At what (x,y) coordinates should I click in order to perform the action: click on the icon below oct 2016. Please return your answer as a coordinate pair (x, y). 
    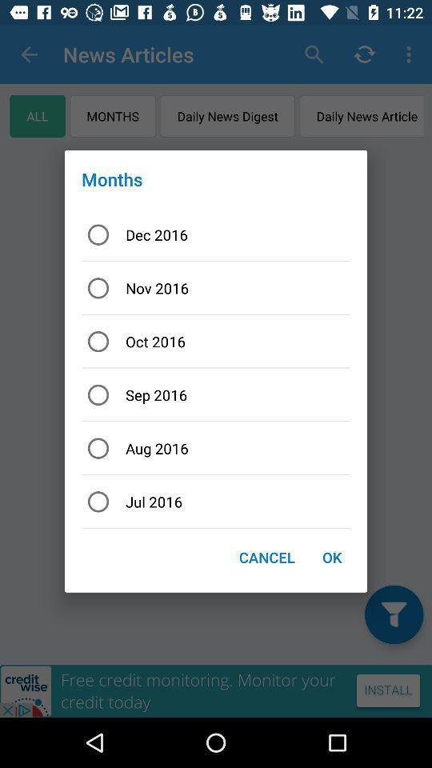
    Looking at the image, I should click on (216, 394).